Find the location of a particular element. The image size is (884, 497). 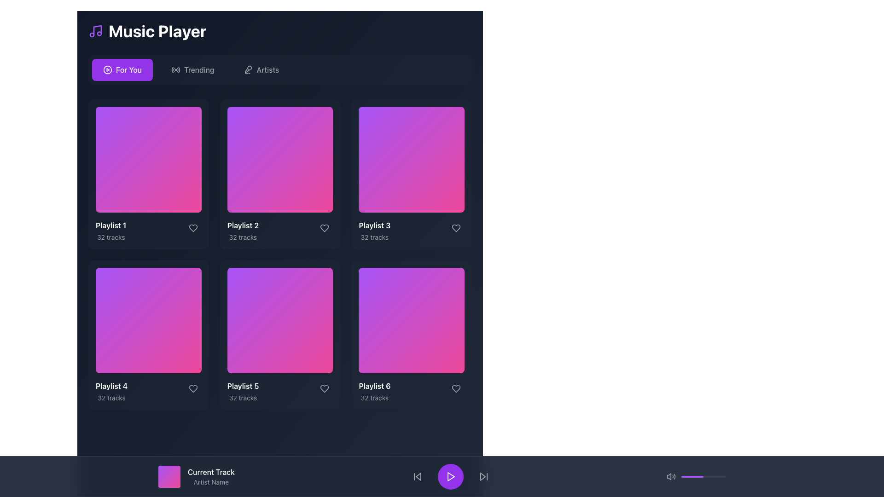

the volume slider is located at coordinates (716, 476).